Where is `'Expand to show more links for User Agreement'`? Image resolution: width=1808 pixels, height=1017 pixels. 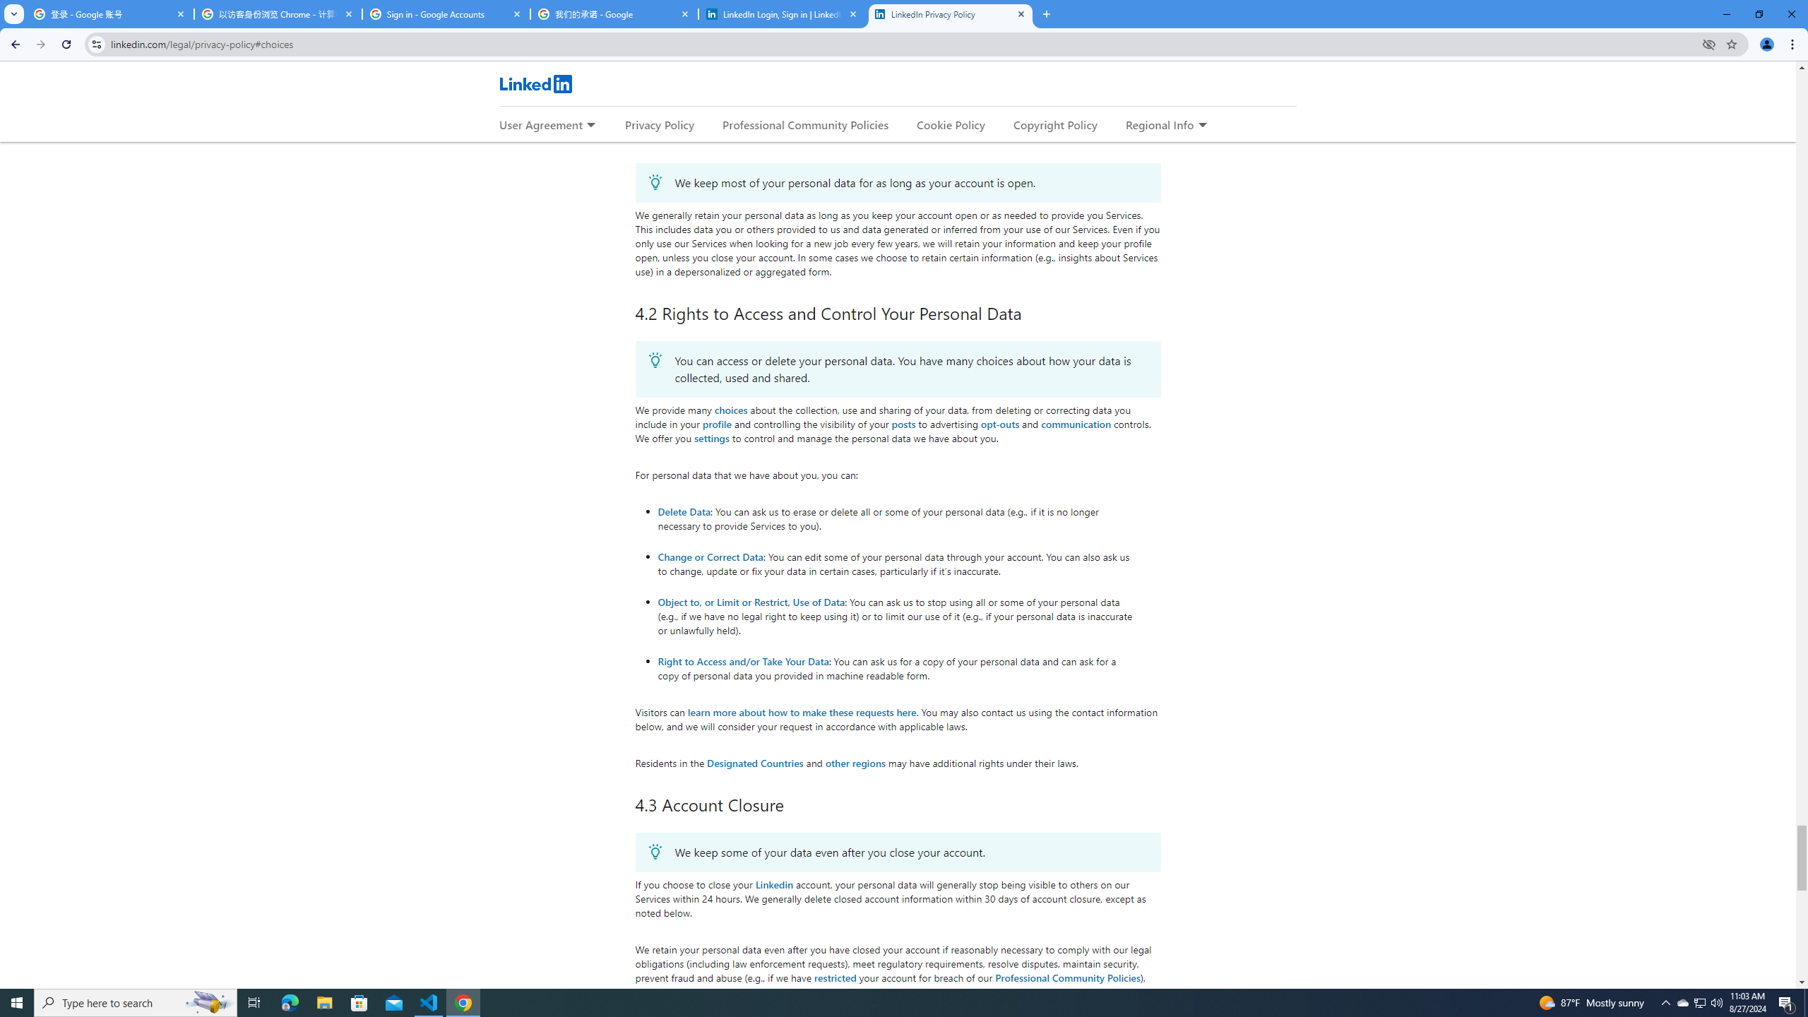
'Expand to show more links for User Agreement' is located at coordinates (590, 125).